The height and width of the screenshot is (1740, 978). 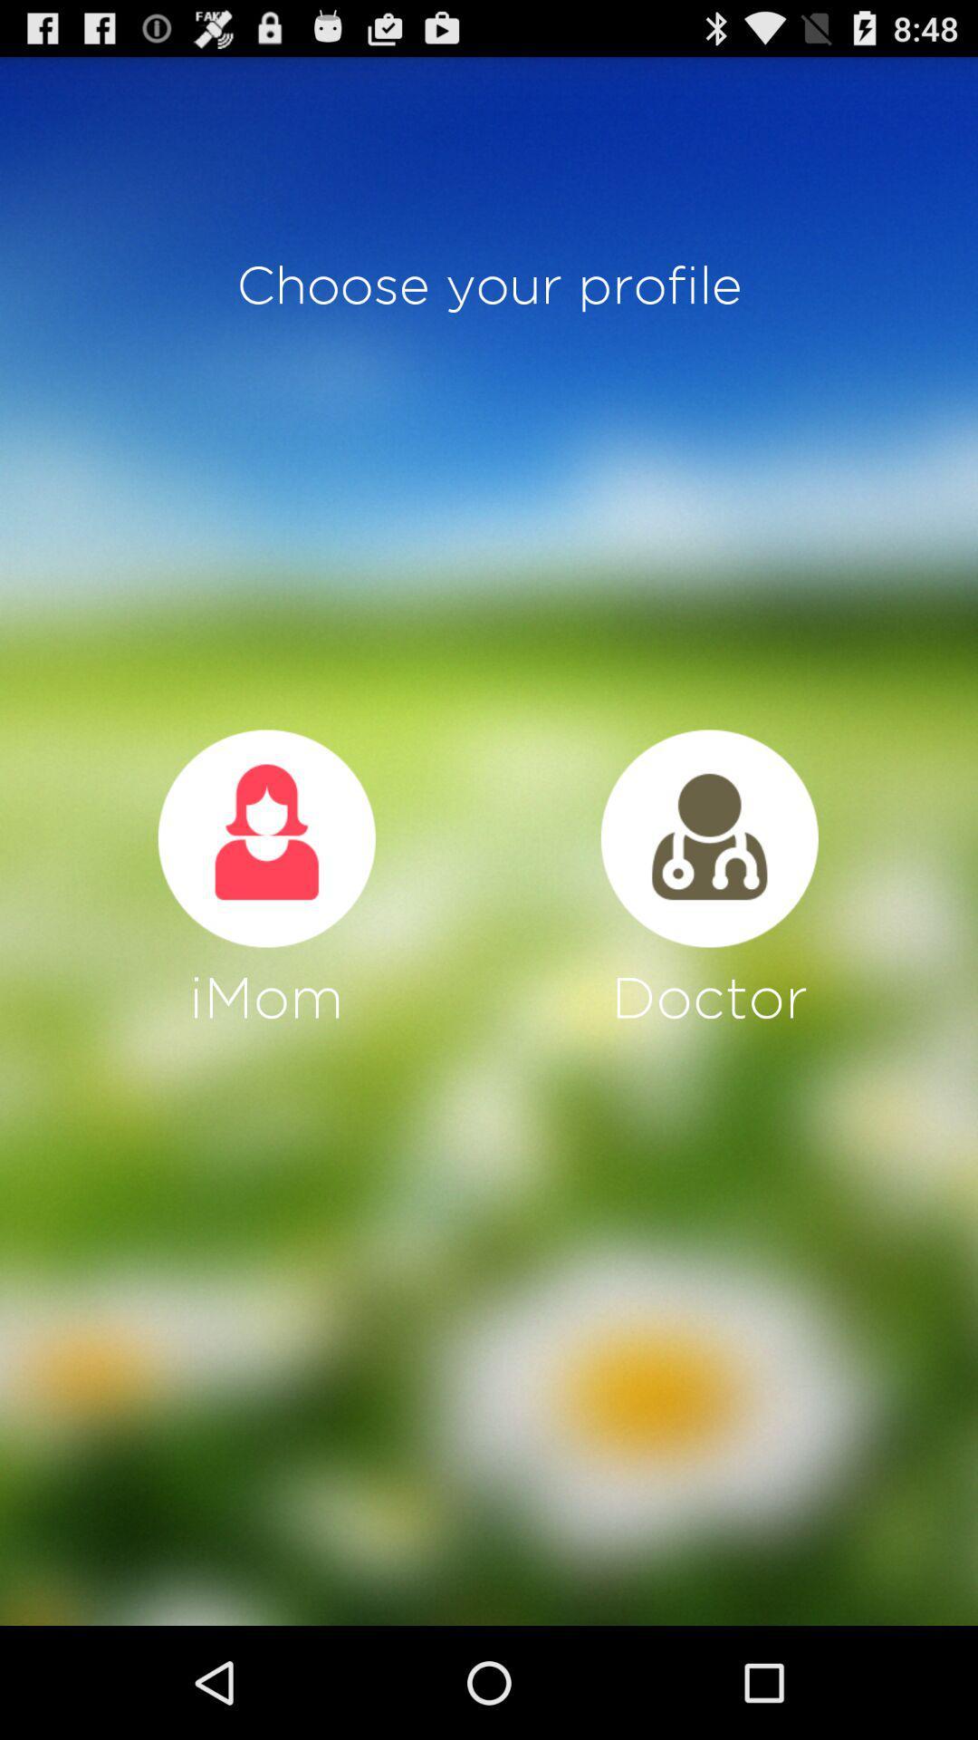 I want to click on choose profile, so click(x=266, y=837).